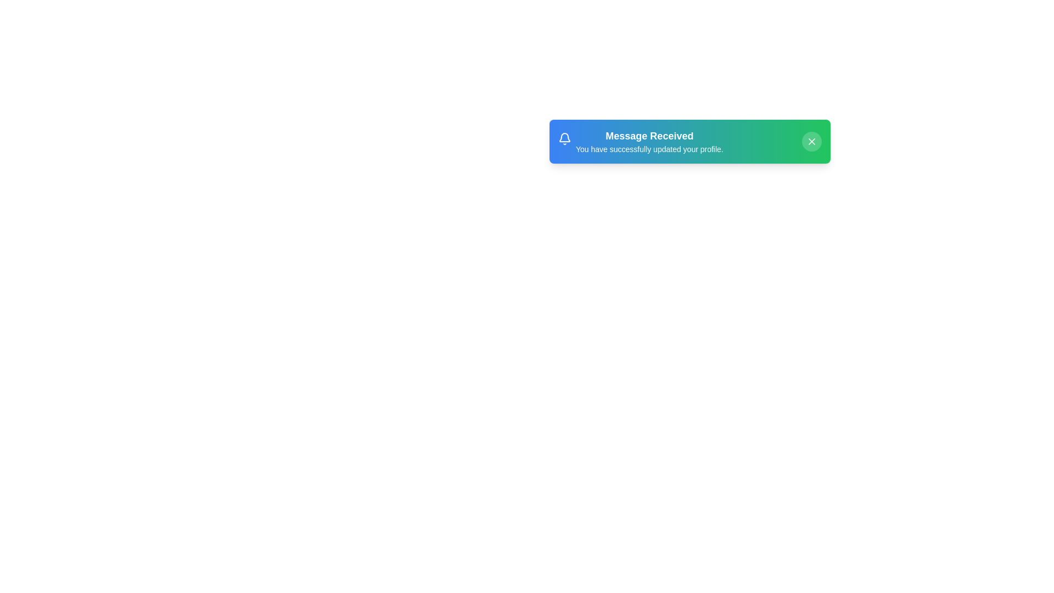 The width and height of the screenshot is (1054, 593). Describe the element at coordinates (564, 139) in the screenshot. I see `the notification bell icon in the snackbar` at that location.